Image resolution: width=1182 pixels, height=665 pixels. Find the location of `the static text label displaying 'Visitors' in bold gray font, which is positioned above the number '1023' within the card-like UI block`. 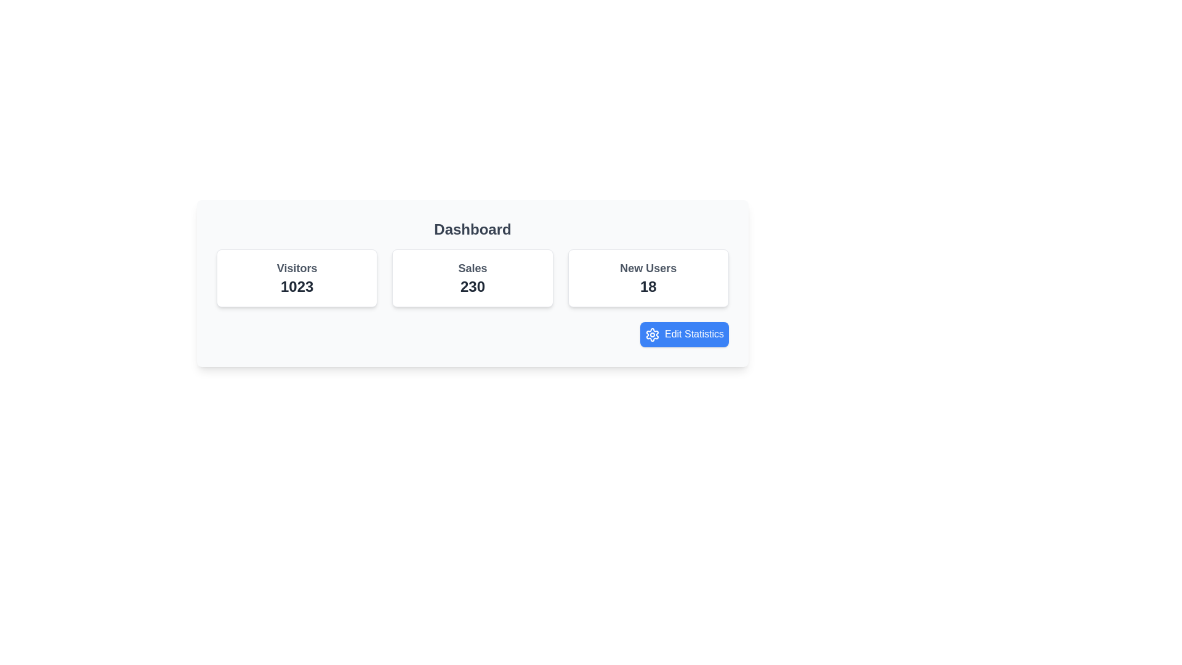

the static text label displaying 'Visitors' in bold gray font, which is positioned above the number '1023' within the card-like UI block is located at coordinates (297, 267).